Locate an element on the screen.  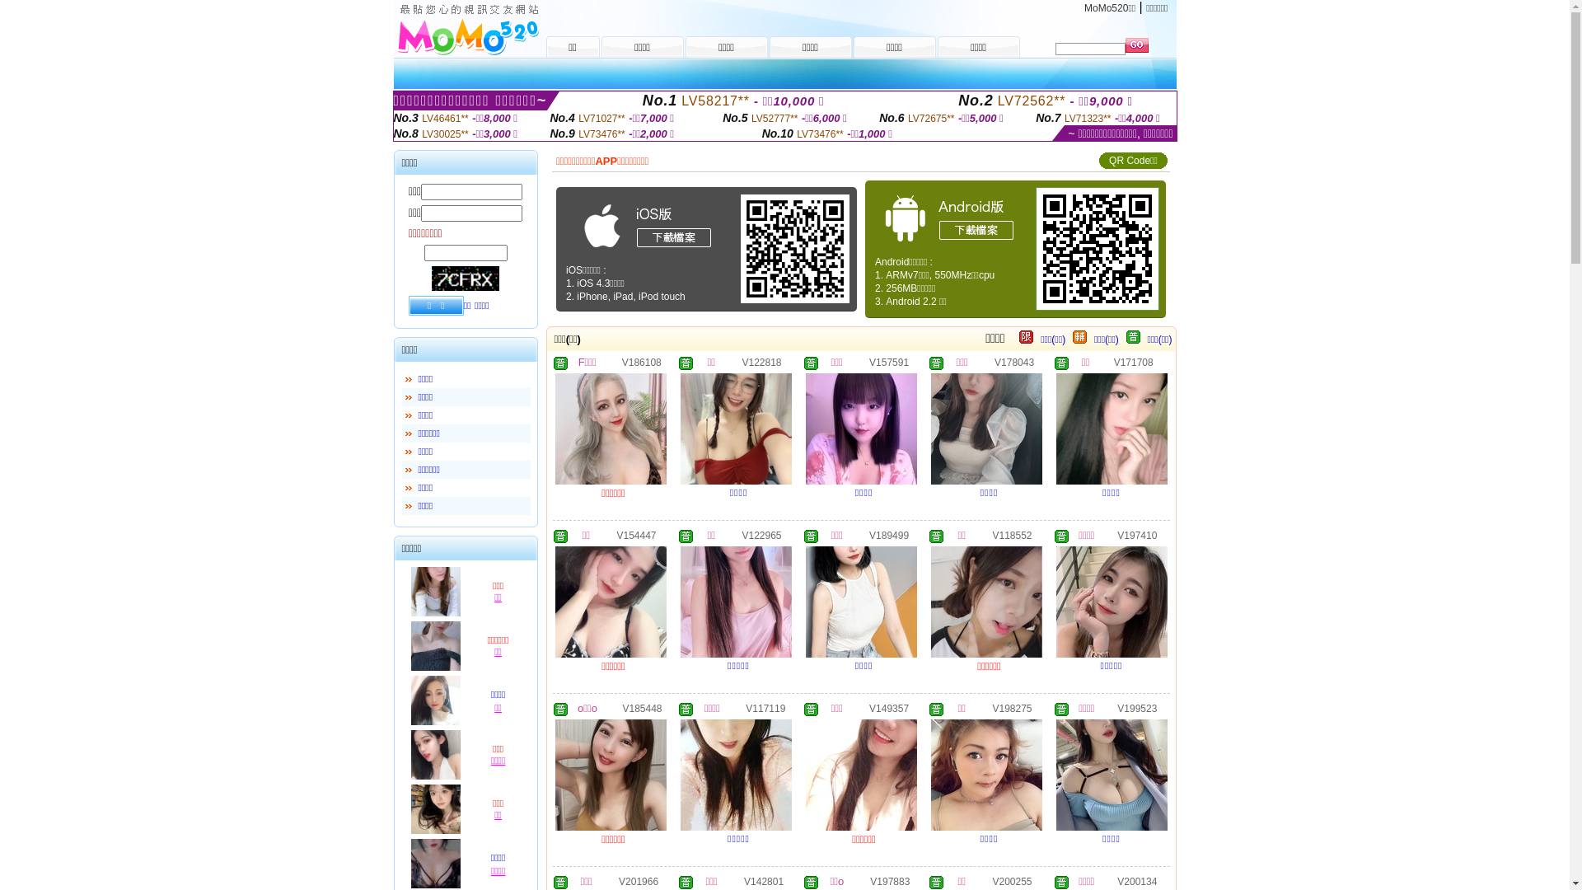
'V171708' is located at coordinates (1133, 361).